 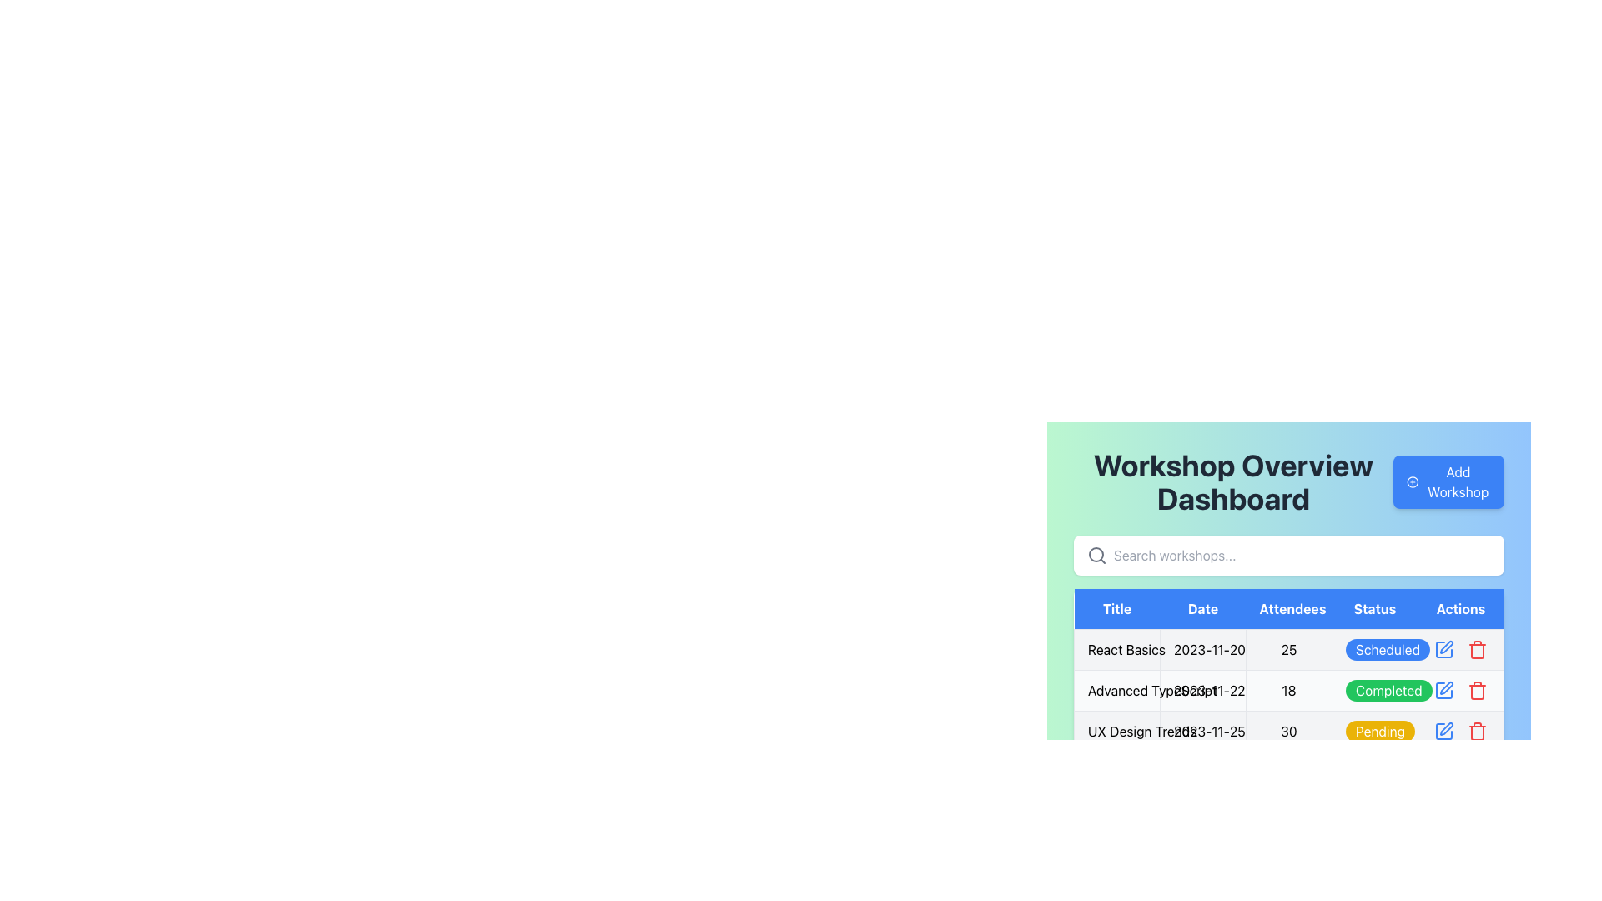 What do you see at coordinates (1117, 730) in the screenshot?
I see `the text label reading 'UX Design Trends' located in the leftmost column of the workshop overview dashboard table, specifically in the third row under the 'Title' header` at bounding box center [1117, 730].